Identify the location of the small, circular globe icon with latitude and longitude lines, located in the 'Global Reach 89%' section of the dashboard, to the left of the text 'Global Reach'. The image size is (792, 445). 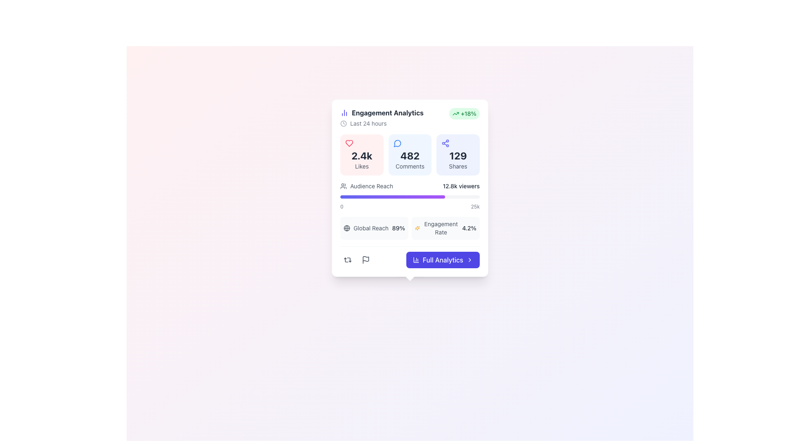
(346, 228).